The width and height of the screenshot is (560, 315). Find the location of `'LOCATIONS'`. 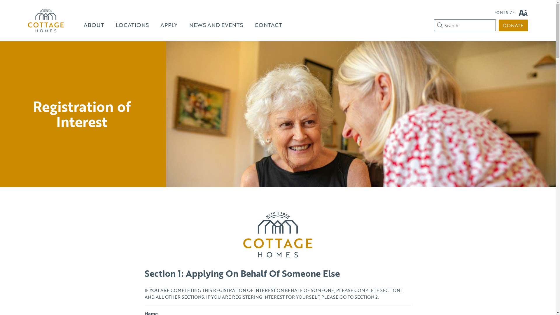

'LOCATIONS' is located at coordinates (110, 24).